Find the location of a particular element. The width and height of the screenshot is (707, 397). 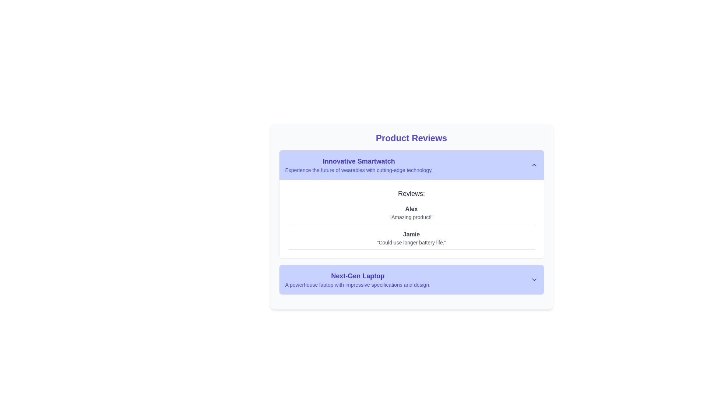

the user review by 'Alex' which contains the comment 'Amazing product!' styled in a bold font under the 'Reviews:' heading is located at coordinates (411, 214).